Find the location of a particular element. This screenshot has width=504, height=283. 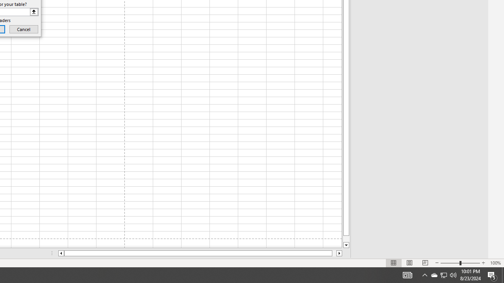

'Normal' is located at coordinates (394, 263).